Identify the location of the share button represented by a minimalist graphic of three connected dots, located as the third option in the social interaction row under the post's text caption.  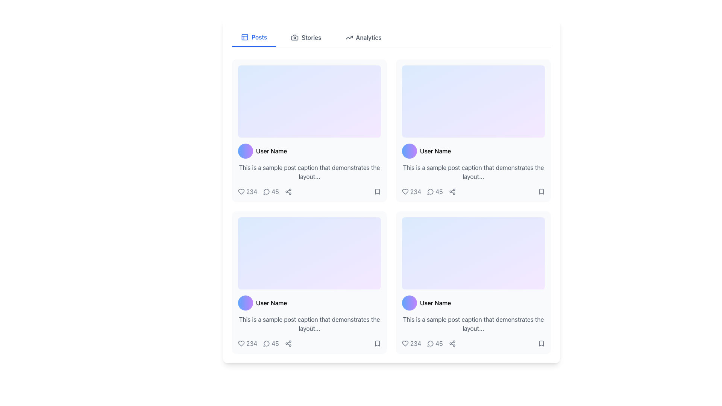
(288, 191).